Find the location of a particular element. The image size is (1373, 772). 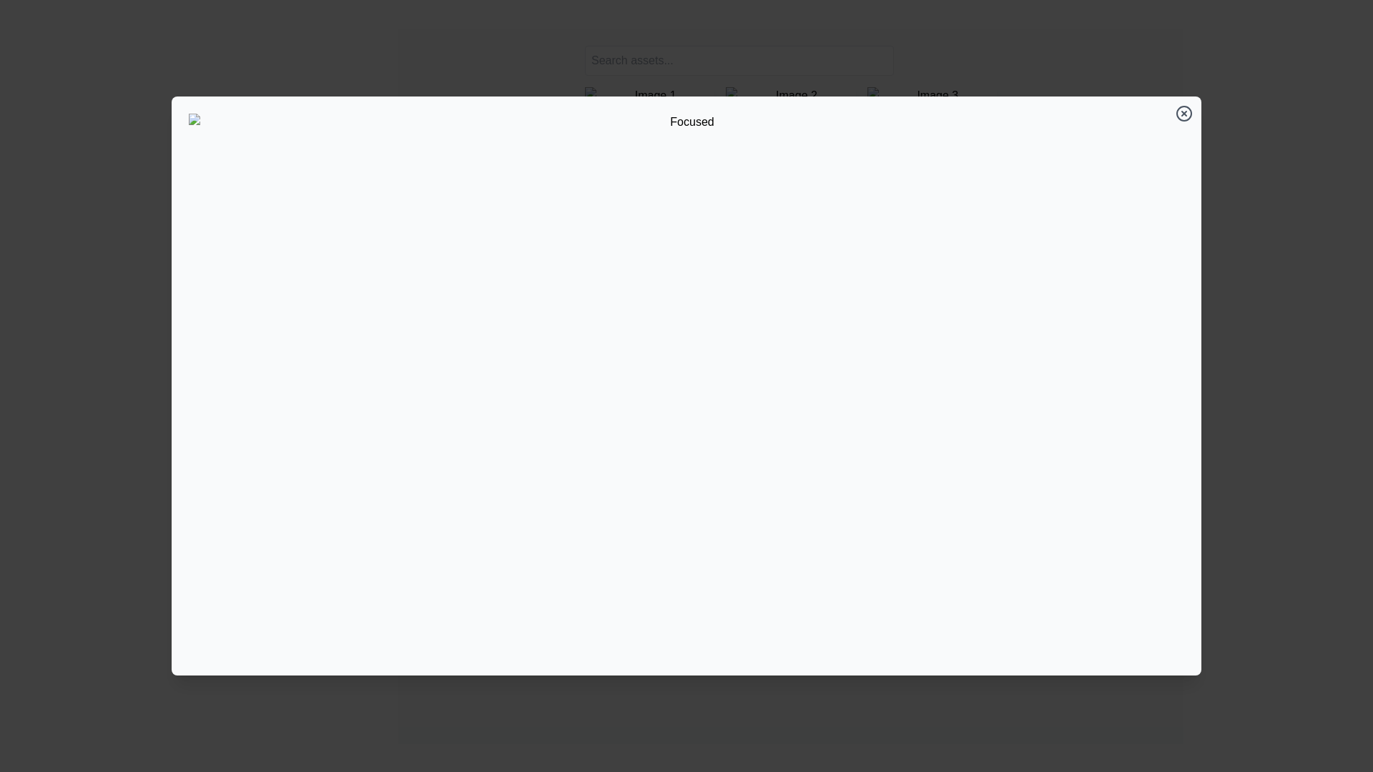

the small circular close button with an 'X' icon located in the top-right corner of the white dialog box is located at coordinates (1184, 112).